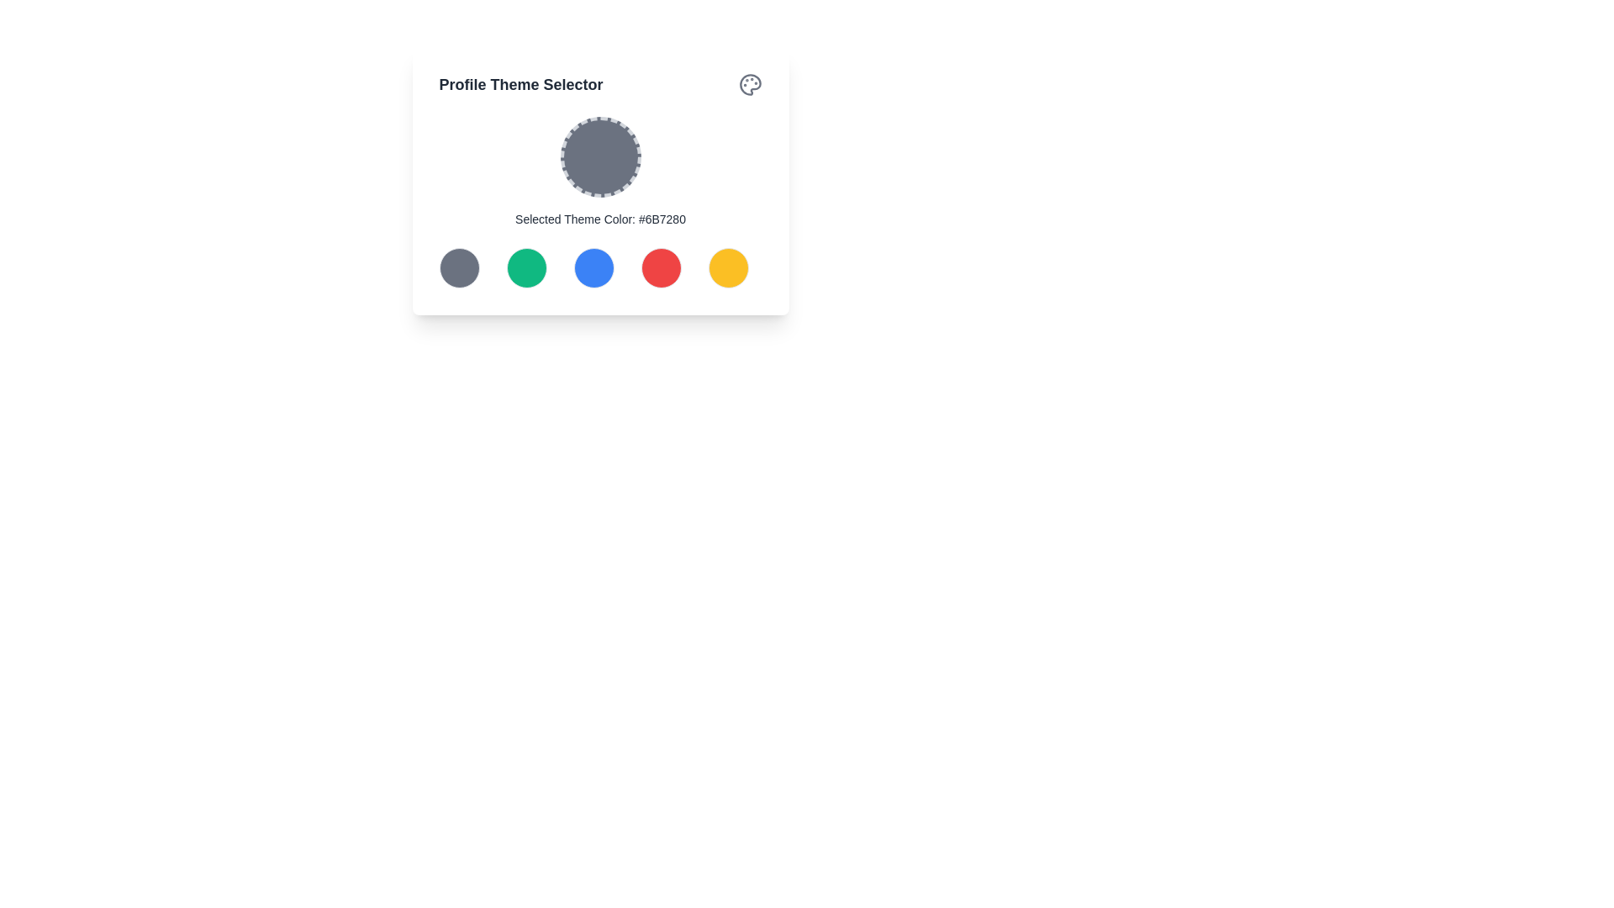 This screenshot has width=1614, height=908. Describe the element at coordinates (520, 84) in the screenshot. I see `the heading text that introduces the 'Profile Theme Selector', which is centrally aligned with an adjacent icon and positioned at the top-left corner of the card section` at that location.